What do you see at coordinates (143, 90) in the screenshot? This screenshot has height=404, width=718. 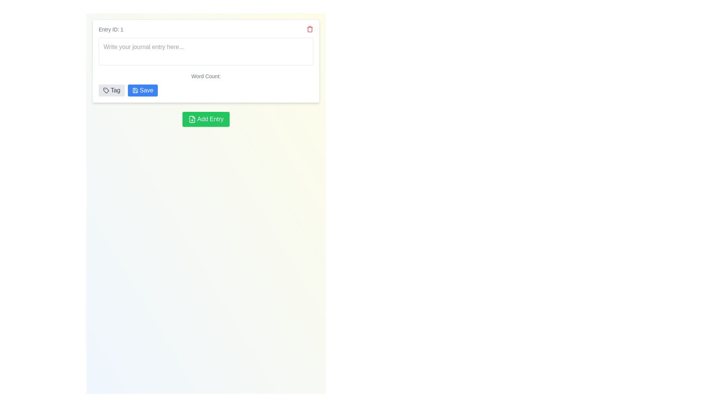 I see `the blue 'Save' button with a floppy disk icon located to the right of the 'Tag' button` at bounding box center [143, 90].